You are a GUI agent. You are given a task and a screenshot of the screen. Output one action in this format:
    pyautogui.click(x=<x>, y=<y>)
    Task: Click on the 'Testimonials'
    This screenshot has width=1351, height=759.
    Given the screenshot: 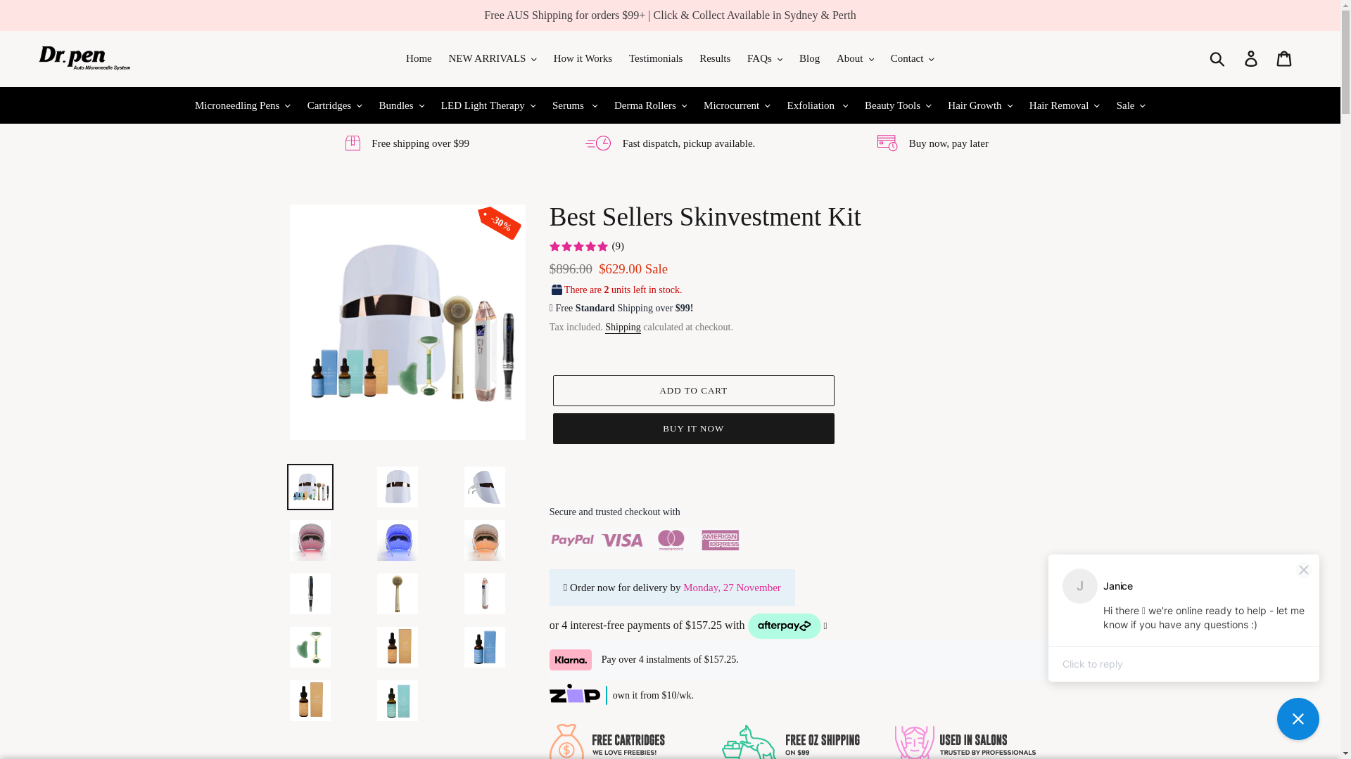 What is the action you would take?
    pyautogui.click(x=654, y=58)
    